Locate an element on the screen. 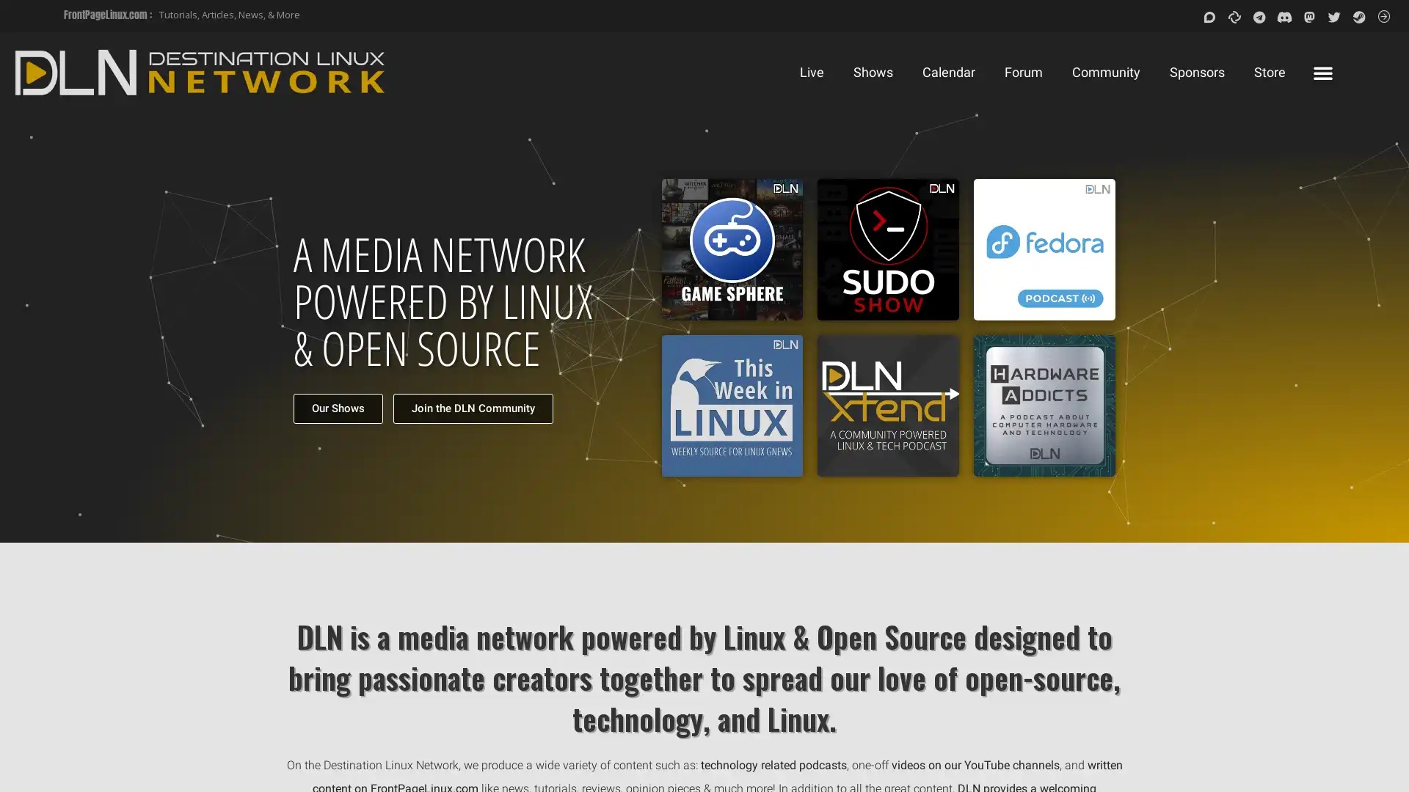 The image size is (1409, 792). Join the DLN Community is located at coordinates (472, 408).